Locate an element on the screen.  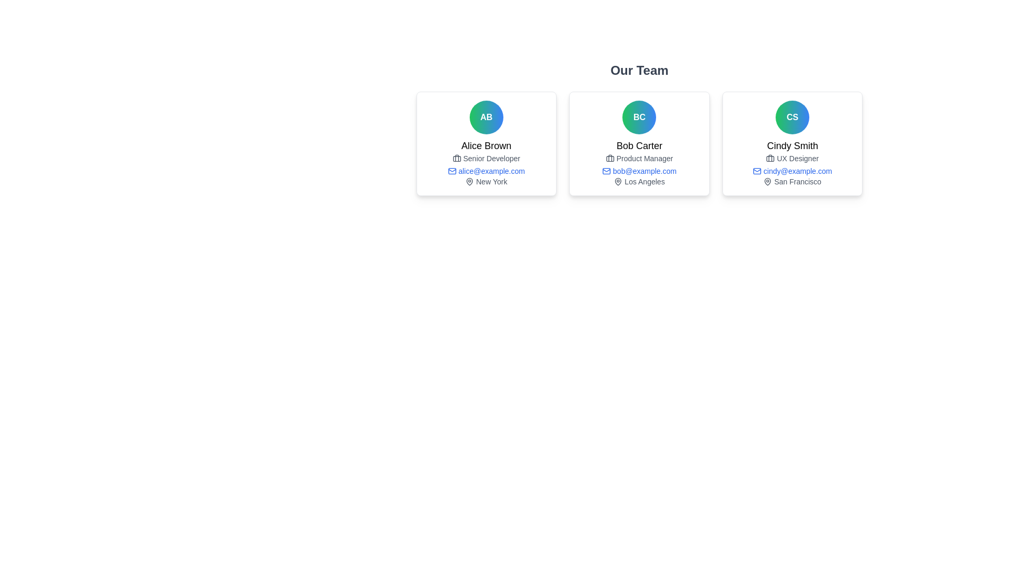
the map pin icon located to the left of the label 'New York' in the bottom section of the first profile card is located at coordinates (469, 181).